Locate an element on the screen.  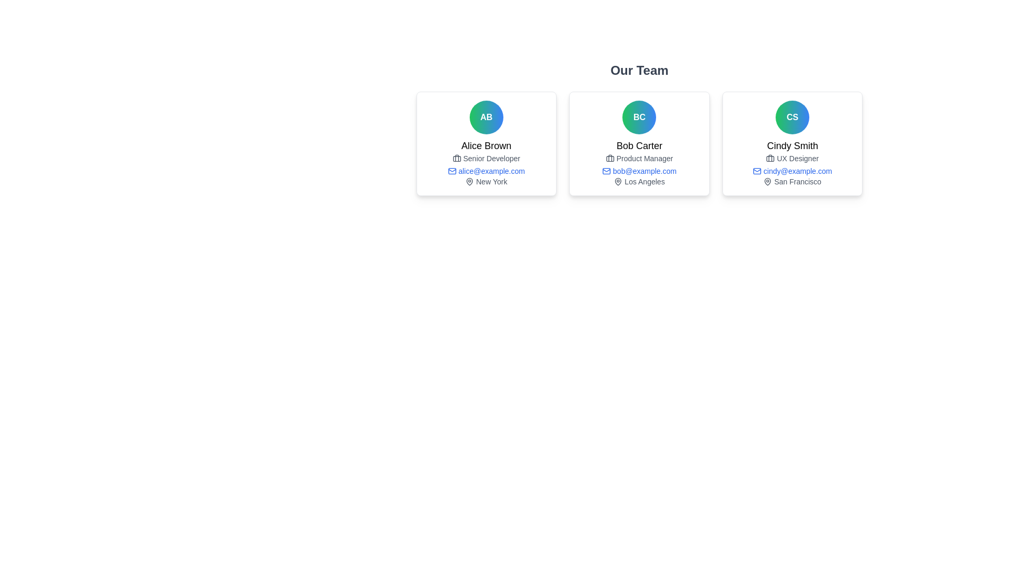
the map pin icon located to the left of the label 'New York' in the bottom section of the first profile card is located at coordinates (469, 181).